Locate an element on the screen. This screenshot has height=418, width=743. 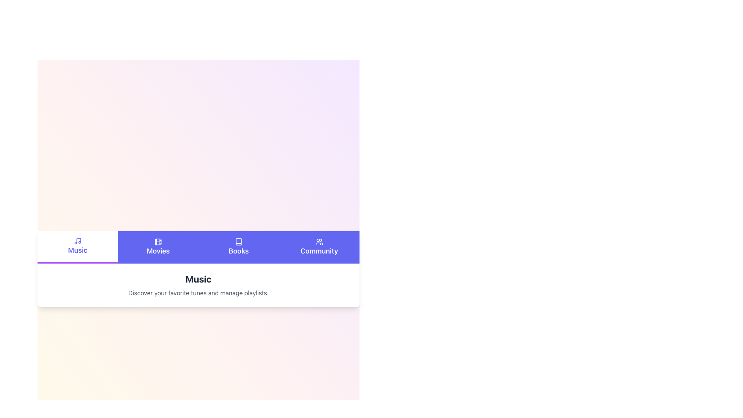
the small SVG film reel icon located in the 'Movies' section of the navigation bar, centered above the 'Movies' text is located at coordinates (158, 241).